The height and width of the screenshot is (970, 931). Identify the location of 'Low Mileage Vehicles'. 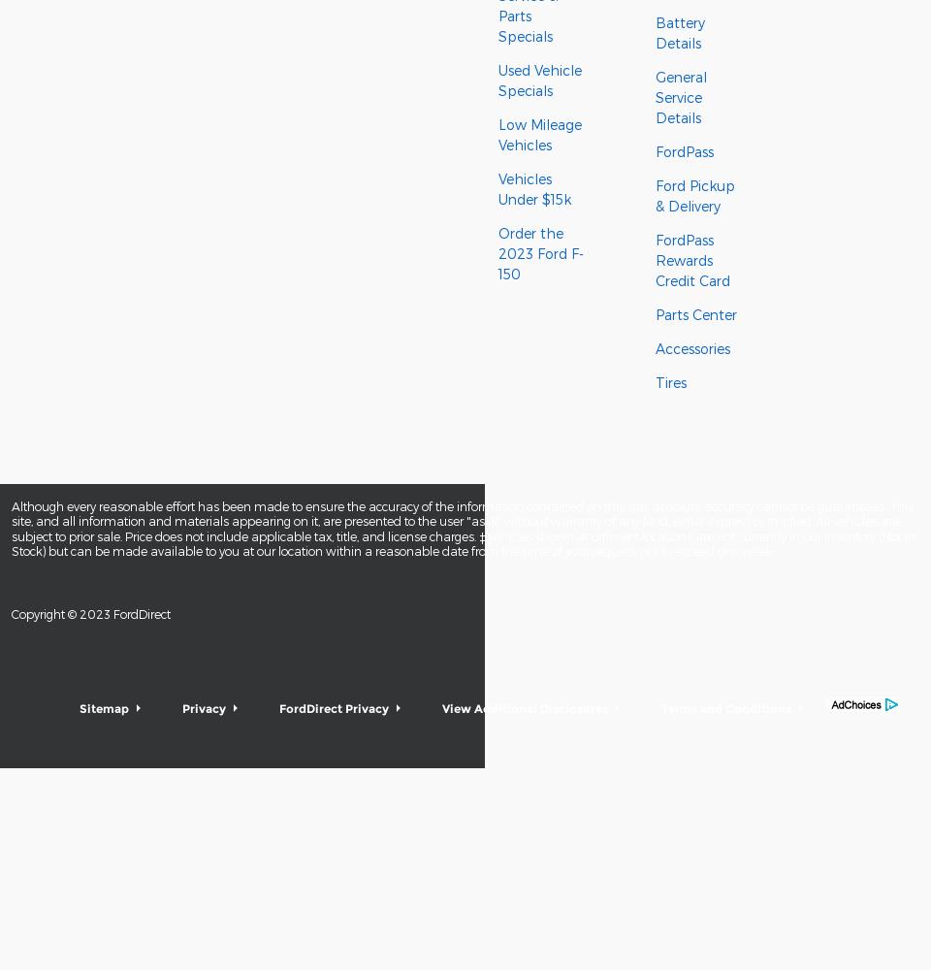
(539, 135).